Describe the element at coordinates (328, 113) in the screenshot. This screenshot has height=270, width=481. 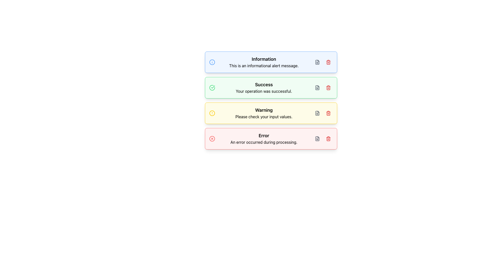
I see `the red trash bin icon button located in the 'Warning' alert card` at that location.